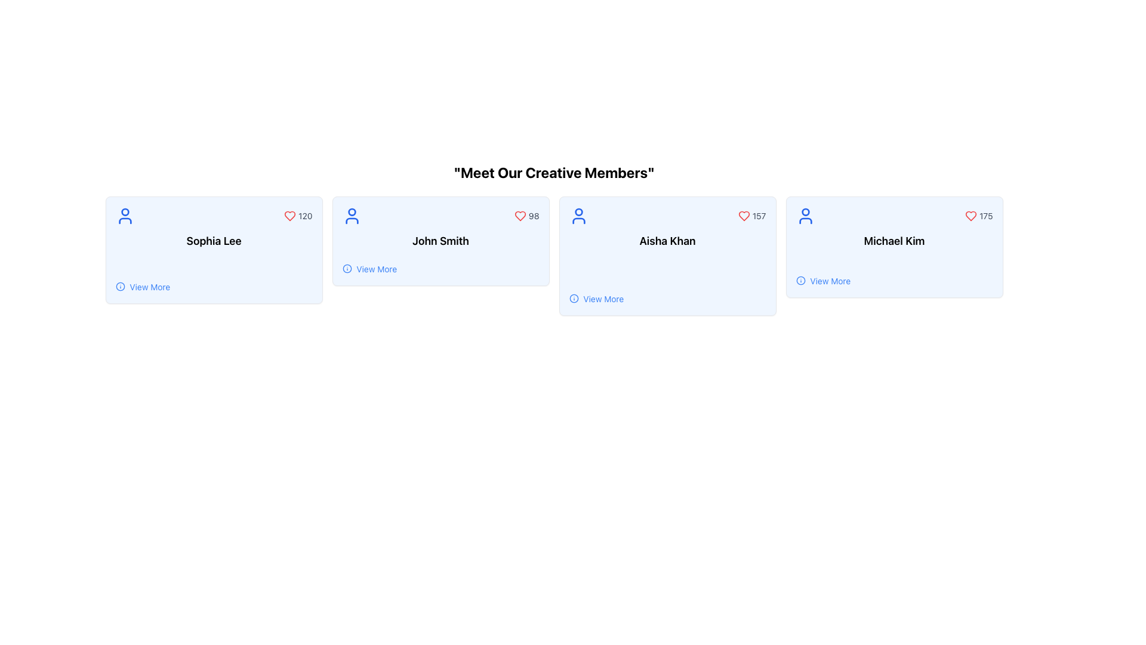 This screenshot has width=1146, height=645. I want to click on the displayed number '98' in gray color, positioned next to a red heart icon in the top-right corner of the card for 'John Smith', so click(533, 216).